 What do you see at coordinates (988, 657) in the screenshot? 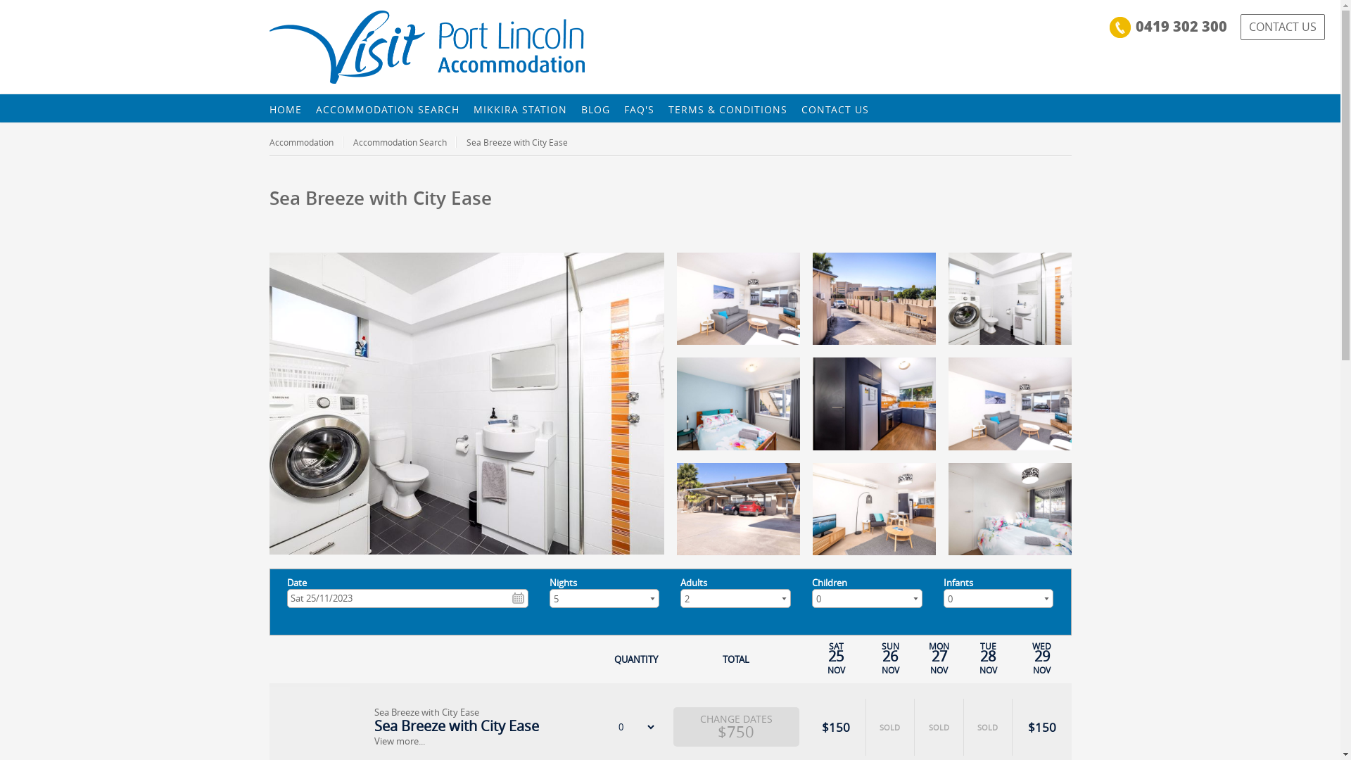
I see `'28'` at bounding box center [988, 657].